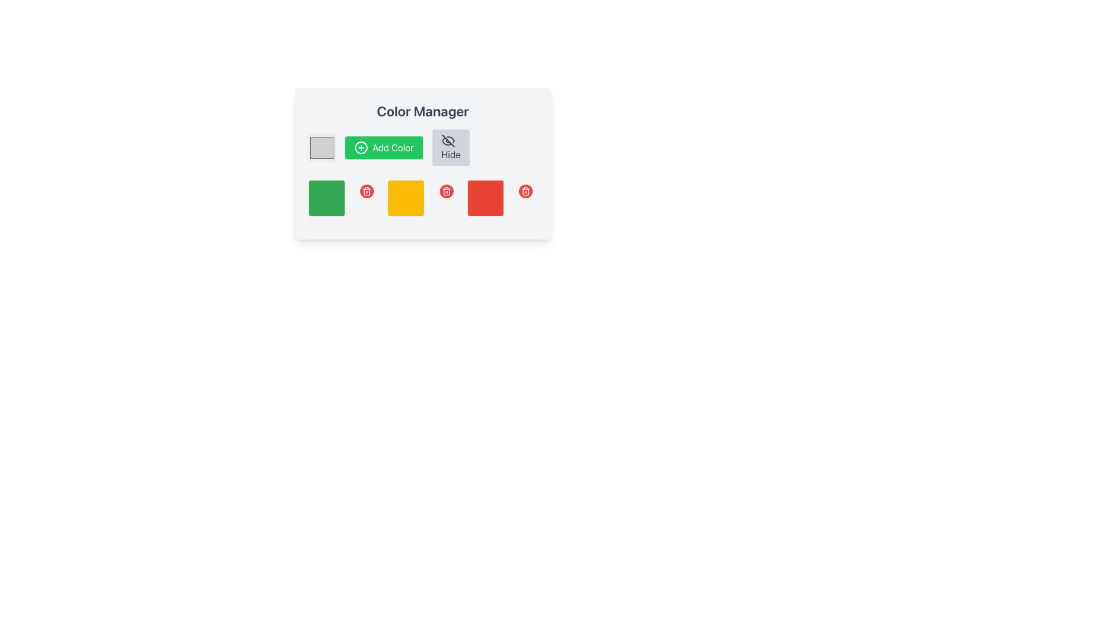 The height and width of the screenshot is (619, 1101). Describe the element at coordinates (342, 198) in the screenshot. I see `the first green color swatch in the grid layout` at that location.